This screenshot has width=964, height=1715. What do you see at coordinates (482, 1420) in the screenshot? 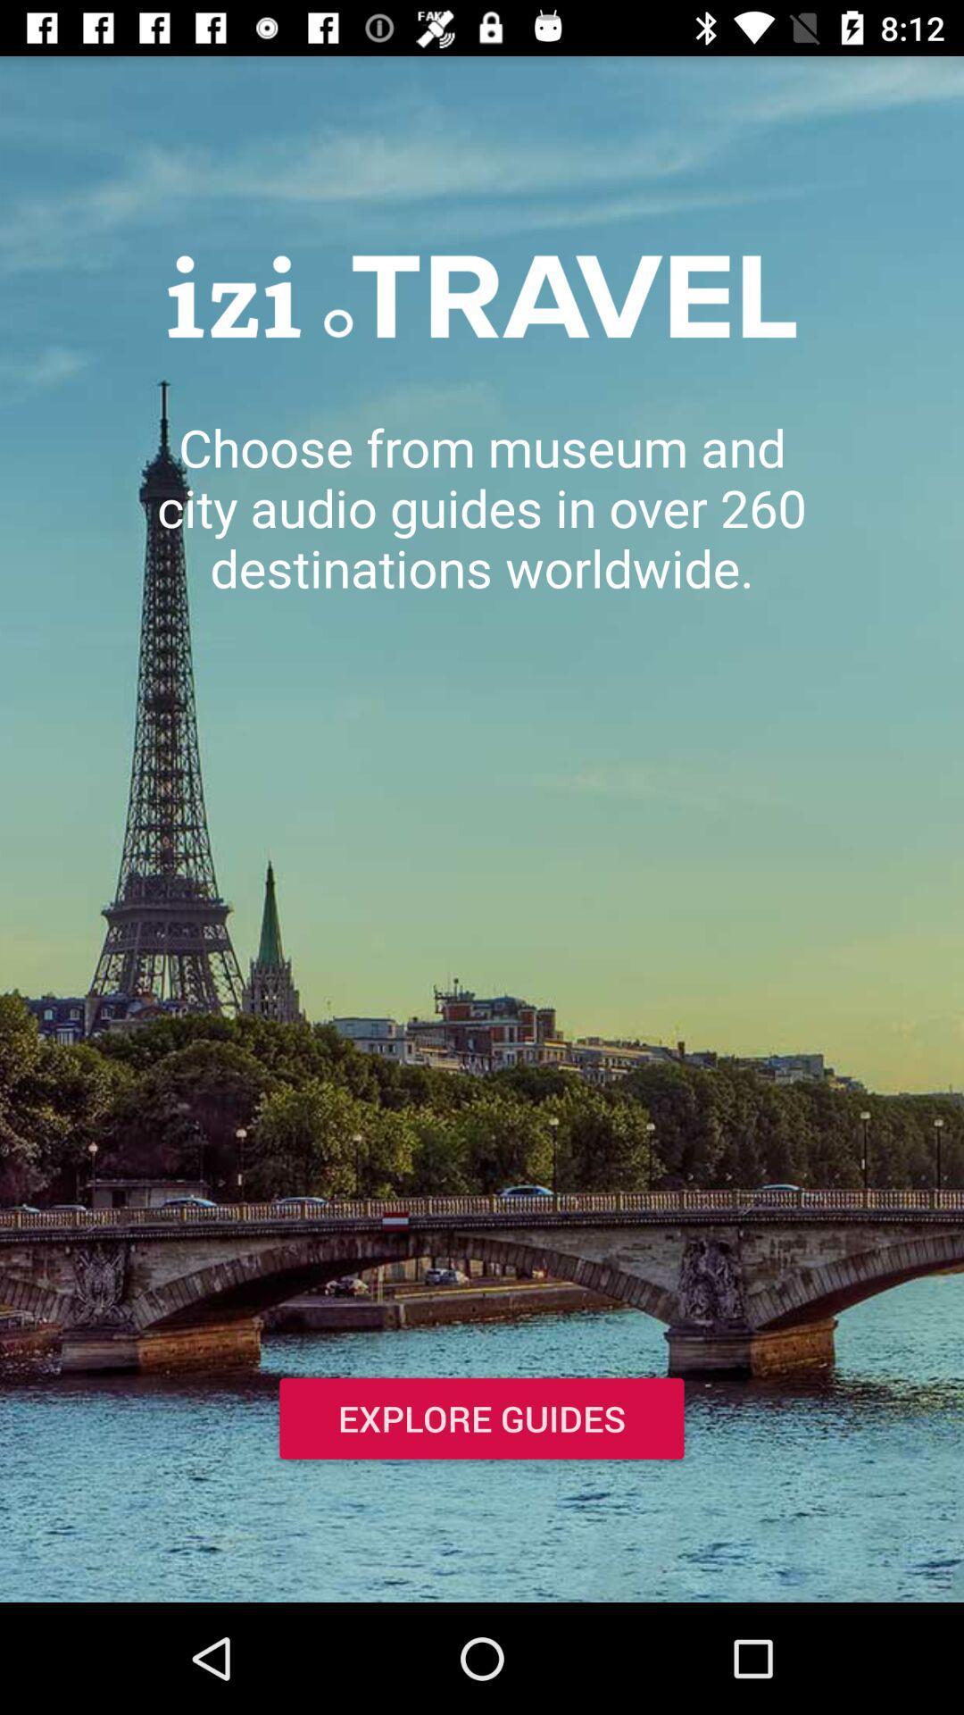
I see `explore guides icon` at bounding box center [482, 1420].